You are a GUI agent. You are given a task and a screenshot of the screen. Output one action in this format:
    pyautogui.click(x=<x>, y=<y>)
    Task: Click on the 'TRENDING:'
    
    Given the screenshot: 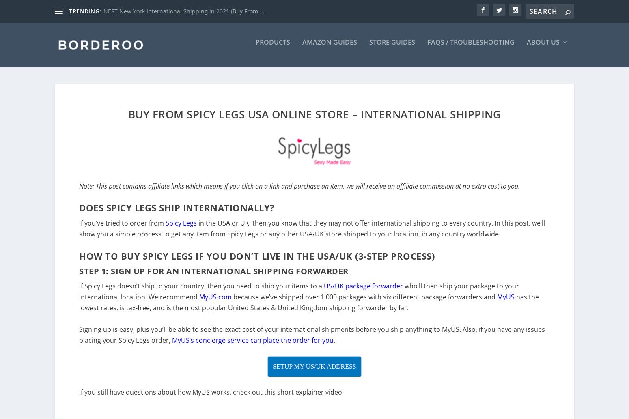 What is the action you would take?
    pyautogui.click(x=84, y=11)
    